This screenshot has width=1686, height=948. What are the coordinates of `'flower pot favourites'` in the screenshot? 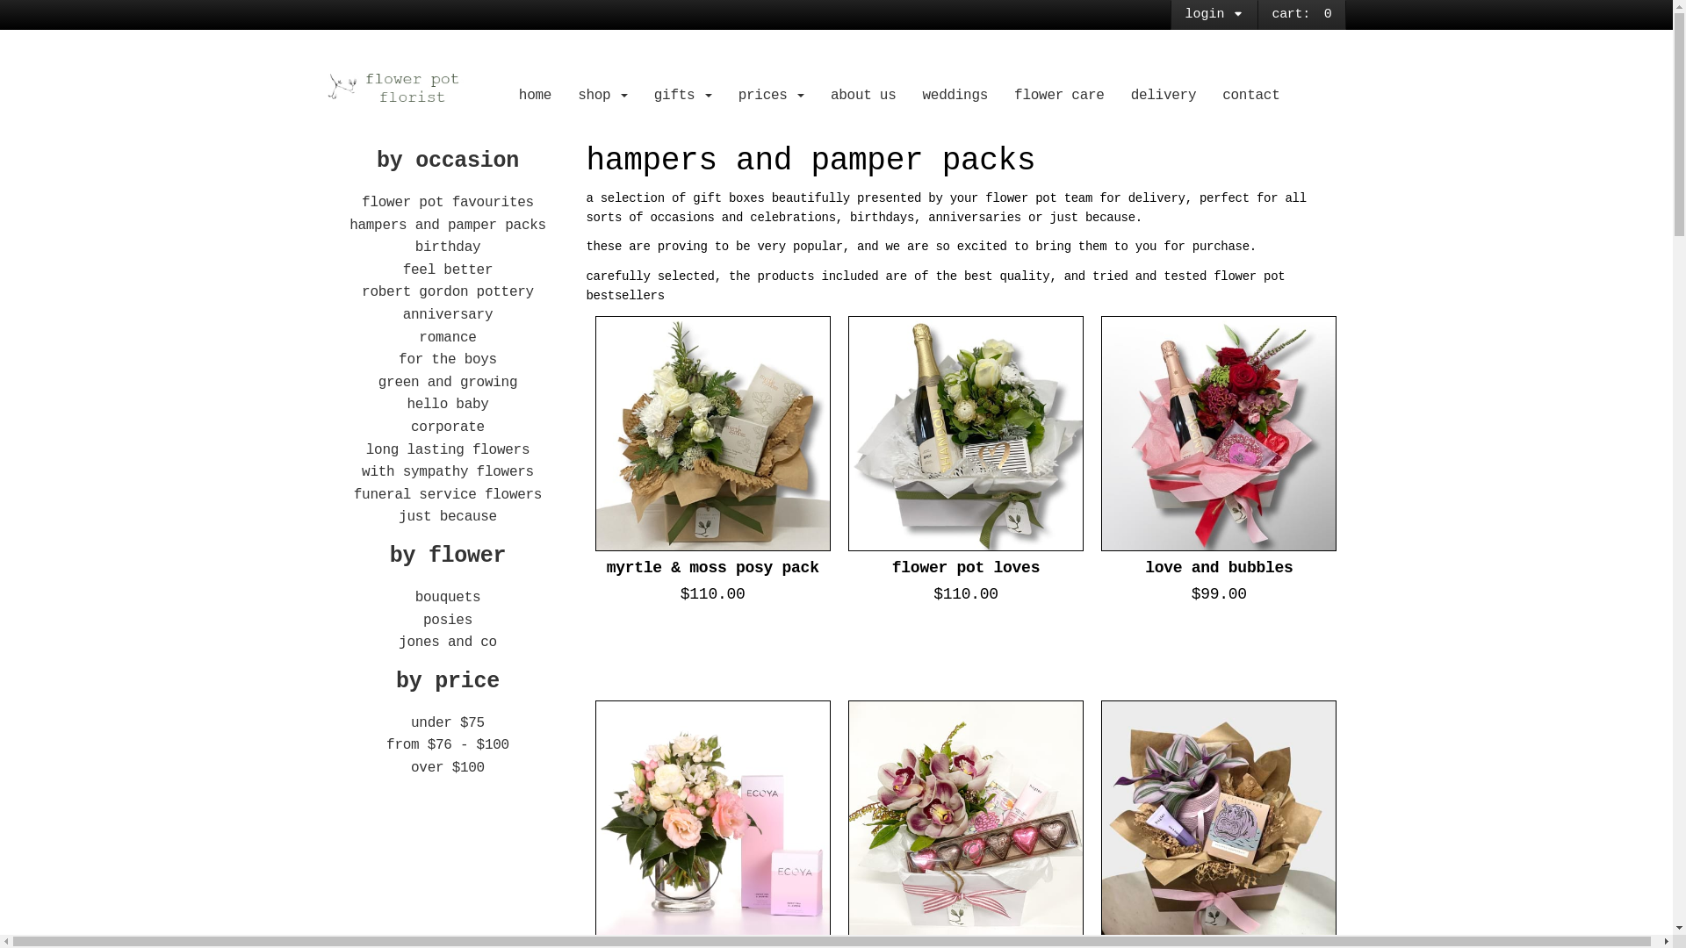 It's located at (447, 202).